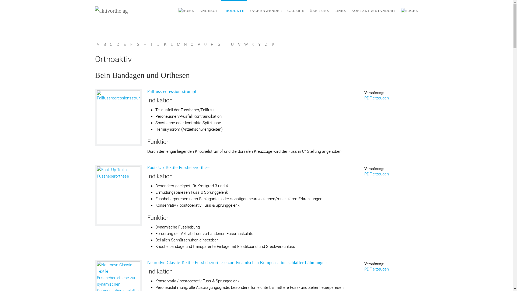 The width and height of the screenshot is (517, 291). I want to click on 'C', so click(111, 44).